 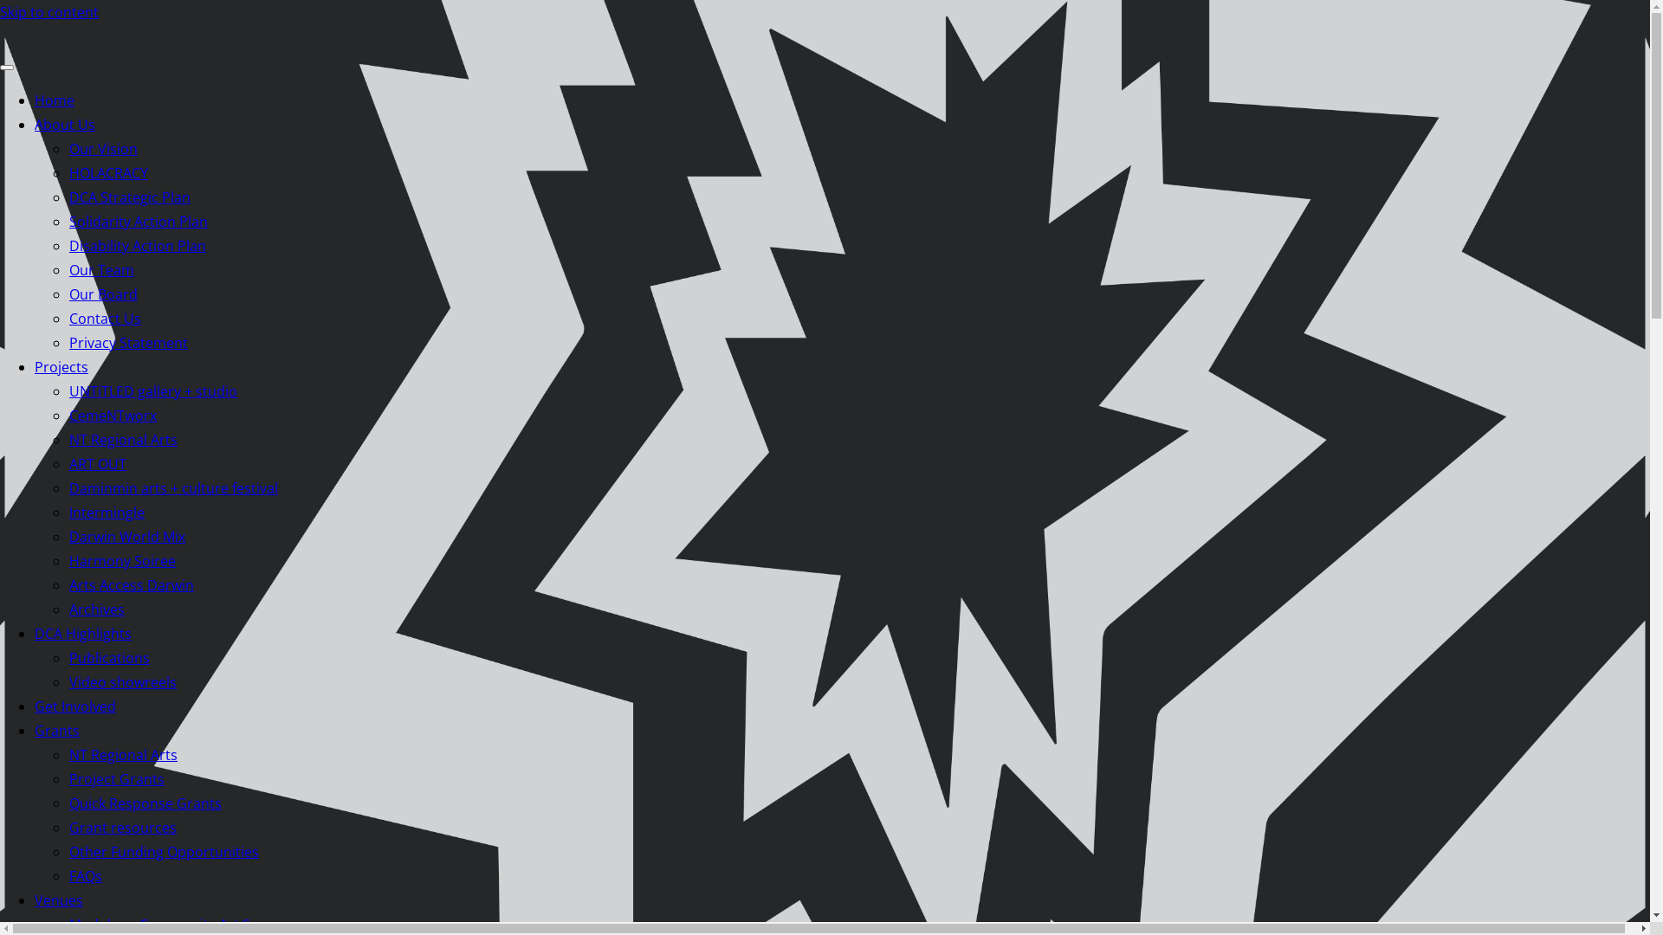 What do you see at coordinates (108, 657) in the screenshot?
I see `'Publications'` at bounding box center [108, 657].